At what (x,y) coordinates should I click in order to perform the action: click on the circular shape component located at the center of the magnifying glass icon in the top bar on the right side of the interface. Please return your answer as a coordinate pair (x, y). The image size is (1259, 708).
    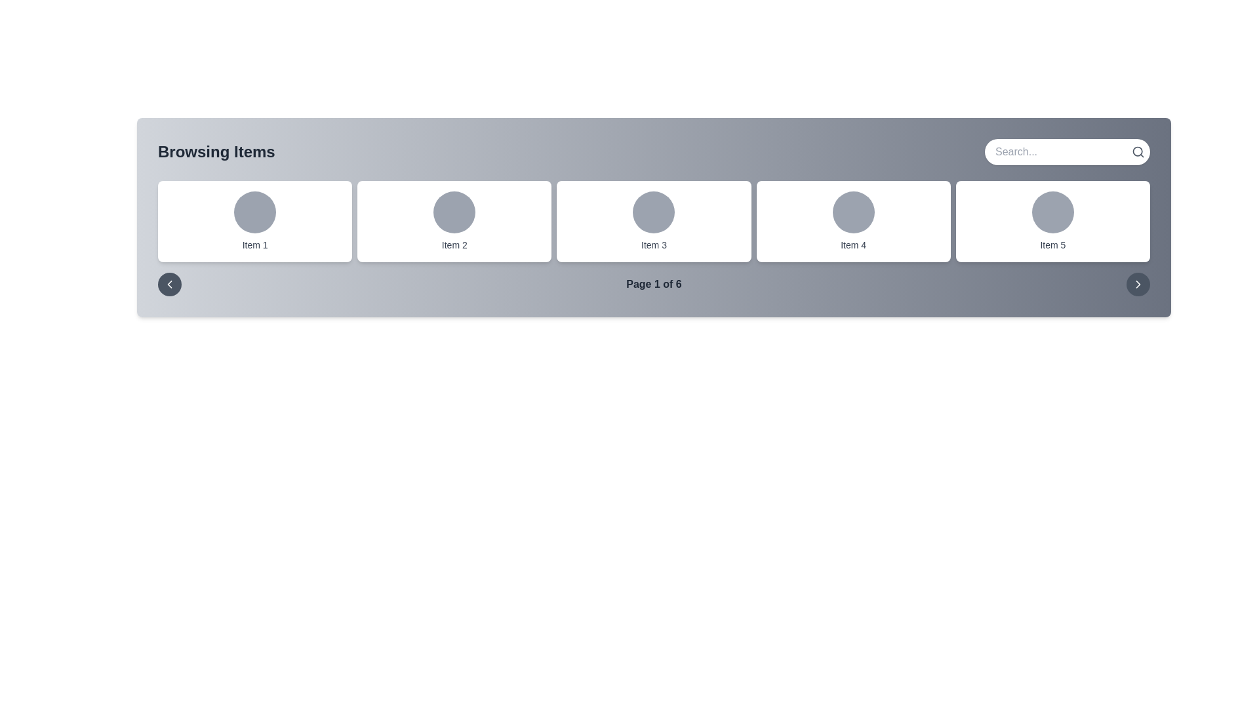
    Looking at the image, I should click on (1137, 151).